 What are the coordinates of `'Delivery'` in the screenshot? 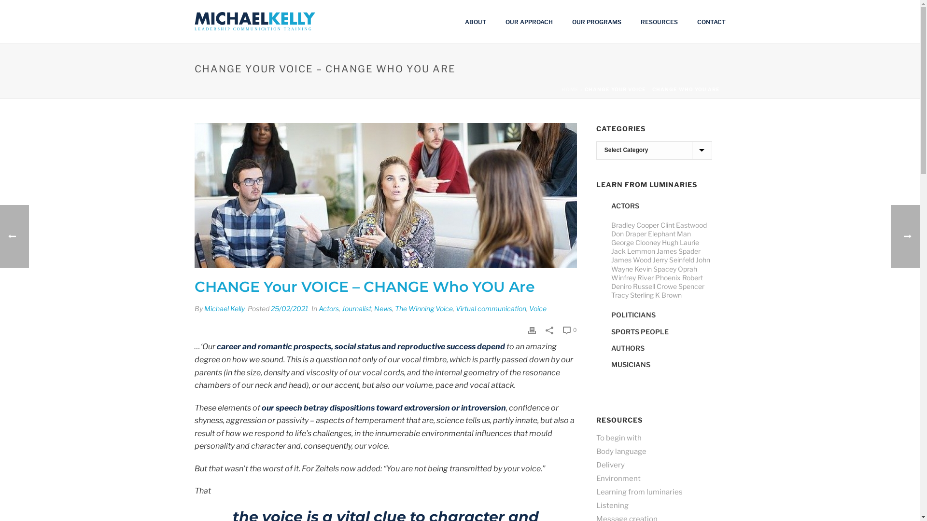 It's located at (610, 465).